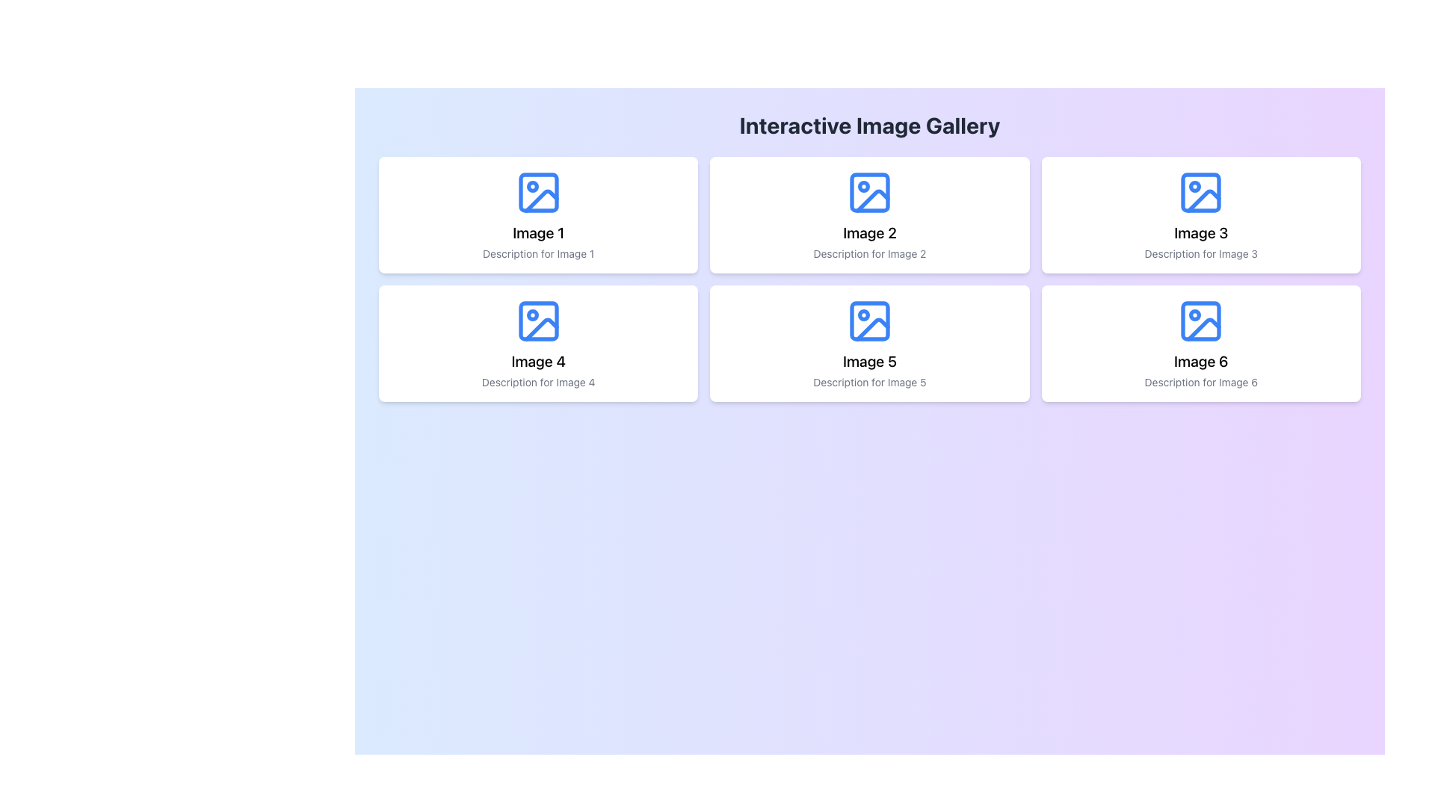  Describe the element at coordinates (538, 343) in the screenshot. I see `the card with an image labeled 'Image 4' which features a white background and rounded corners, located in the second row and first column of the grid layout` at that location.